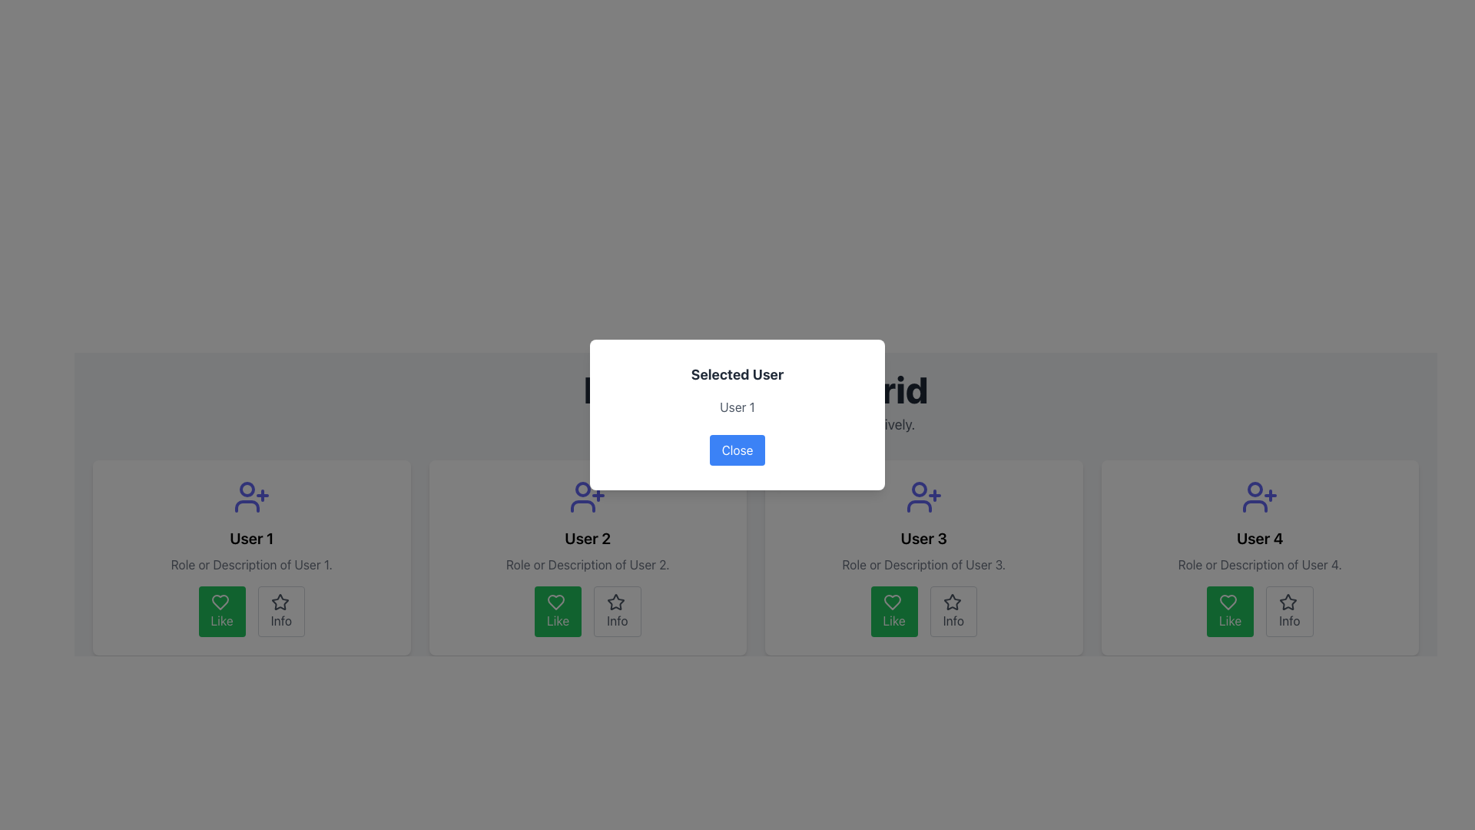 The image size is (1475, 830). What do you see at coordinates (251, 565) in the screenshot?
I see `the text label displaying 'Role or Description of User 1.' which is located beneath 'User 1' and above the 'Like' and 'Info' buttons` at bounding box center [251, 565].